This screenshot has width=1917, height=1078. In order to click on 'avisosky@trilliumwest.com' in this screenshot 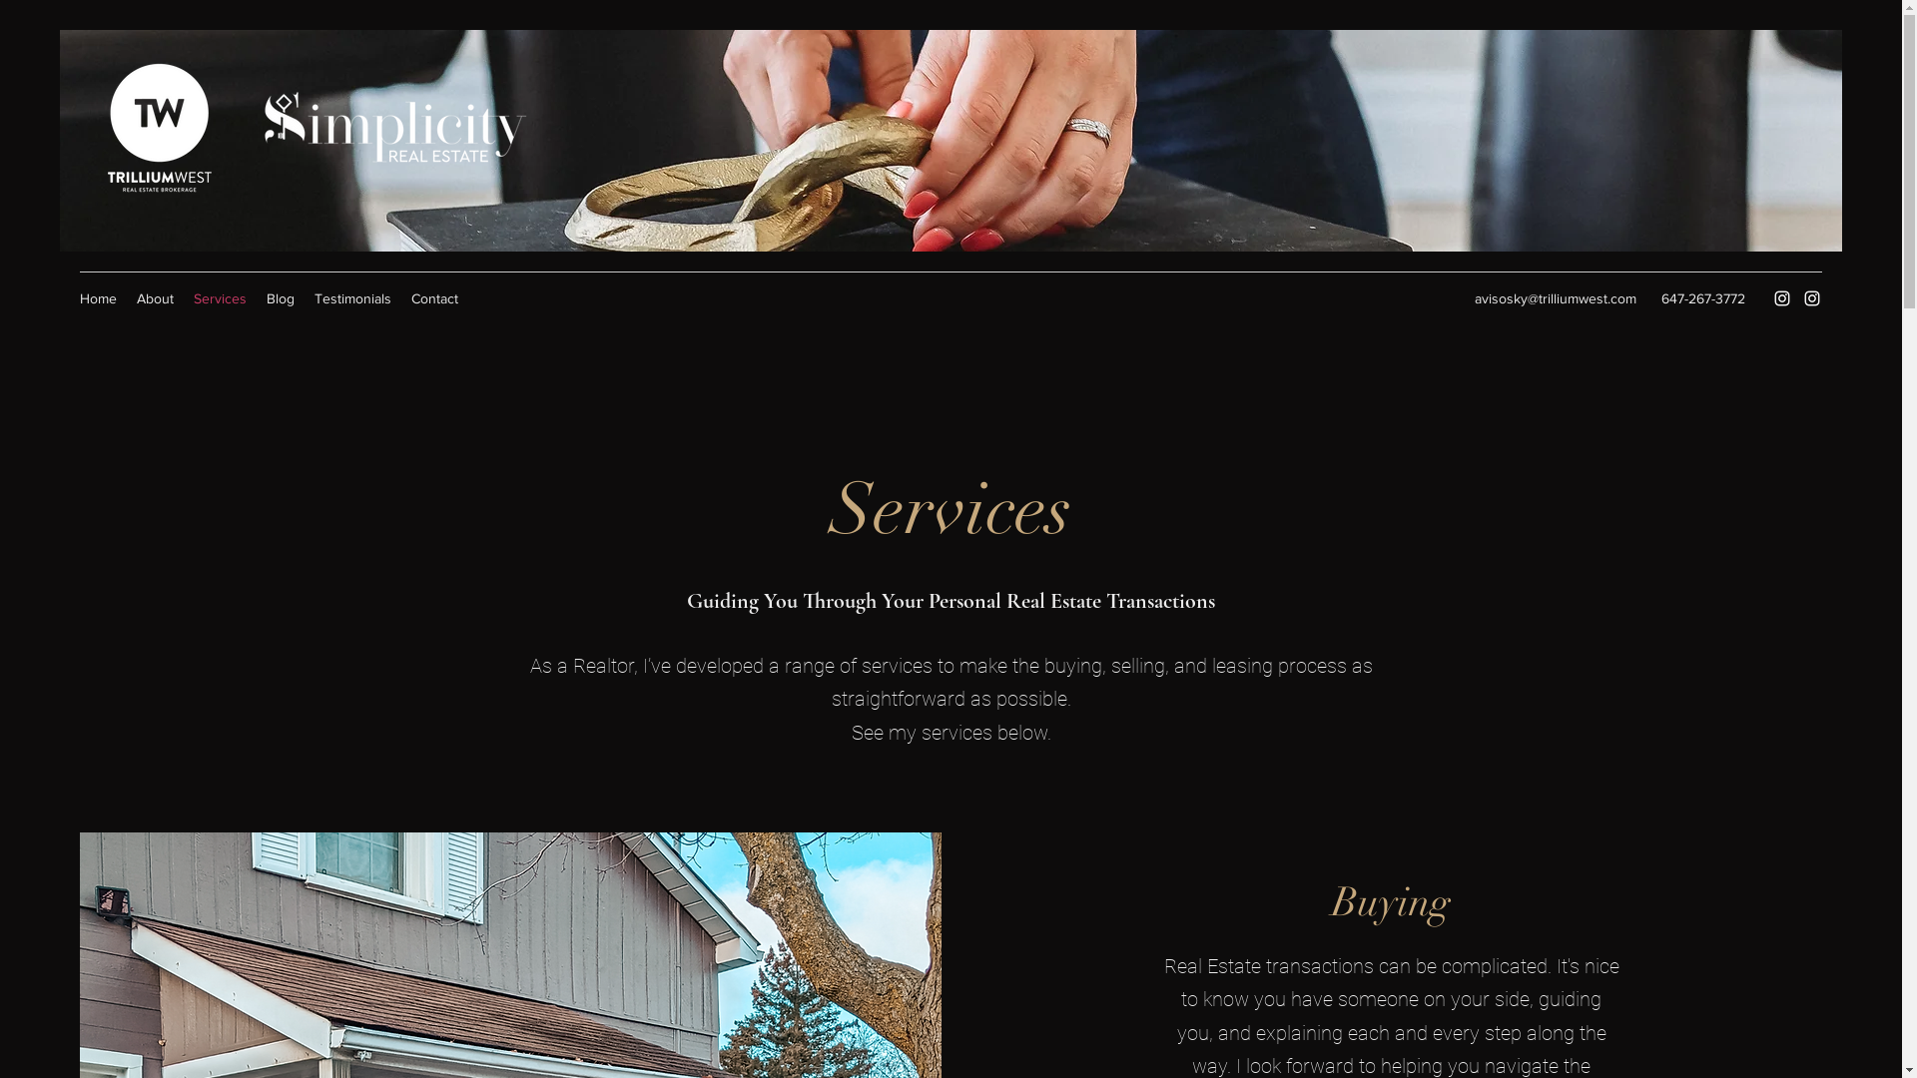, I will do `click(1475, 298)`.